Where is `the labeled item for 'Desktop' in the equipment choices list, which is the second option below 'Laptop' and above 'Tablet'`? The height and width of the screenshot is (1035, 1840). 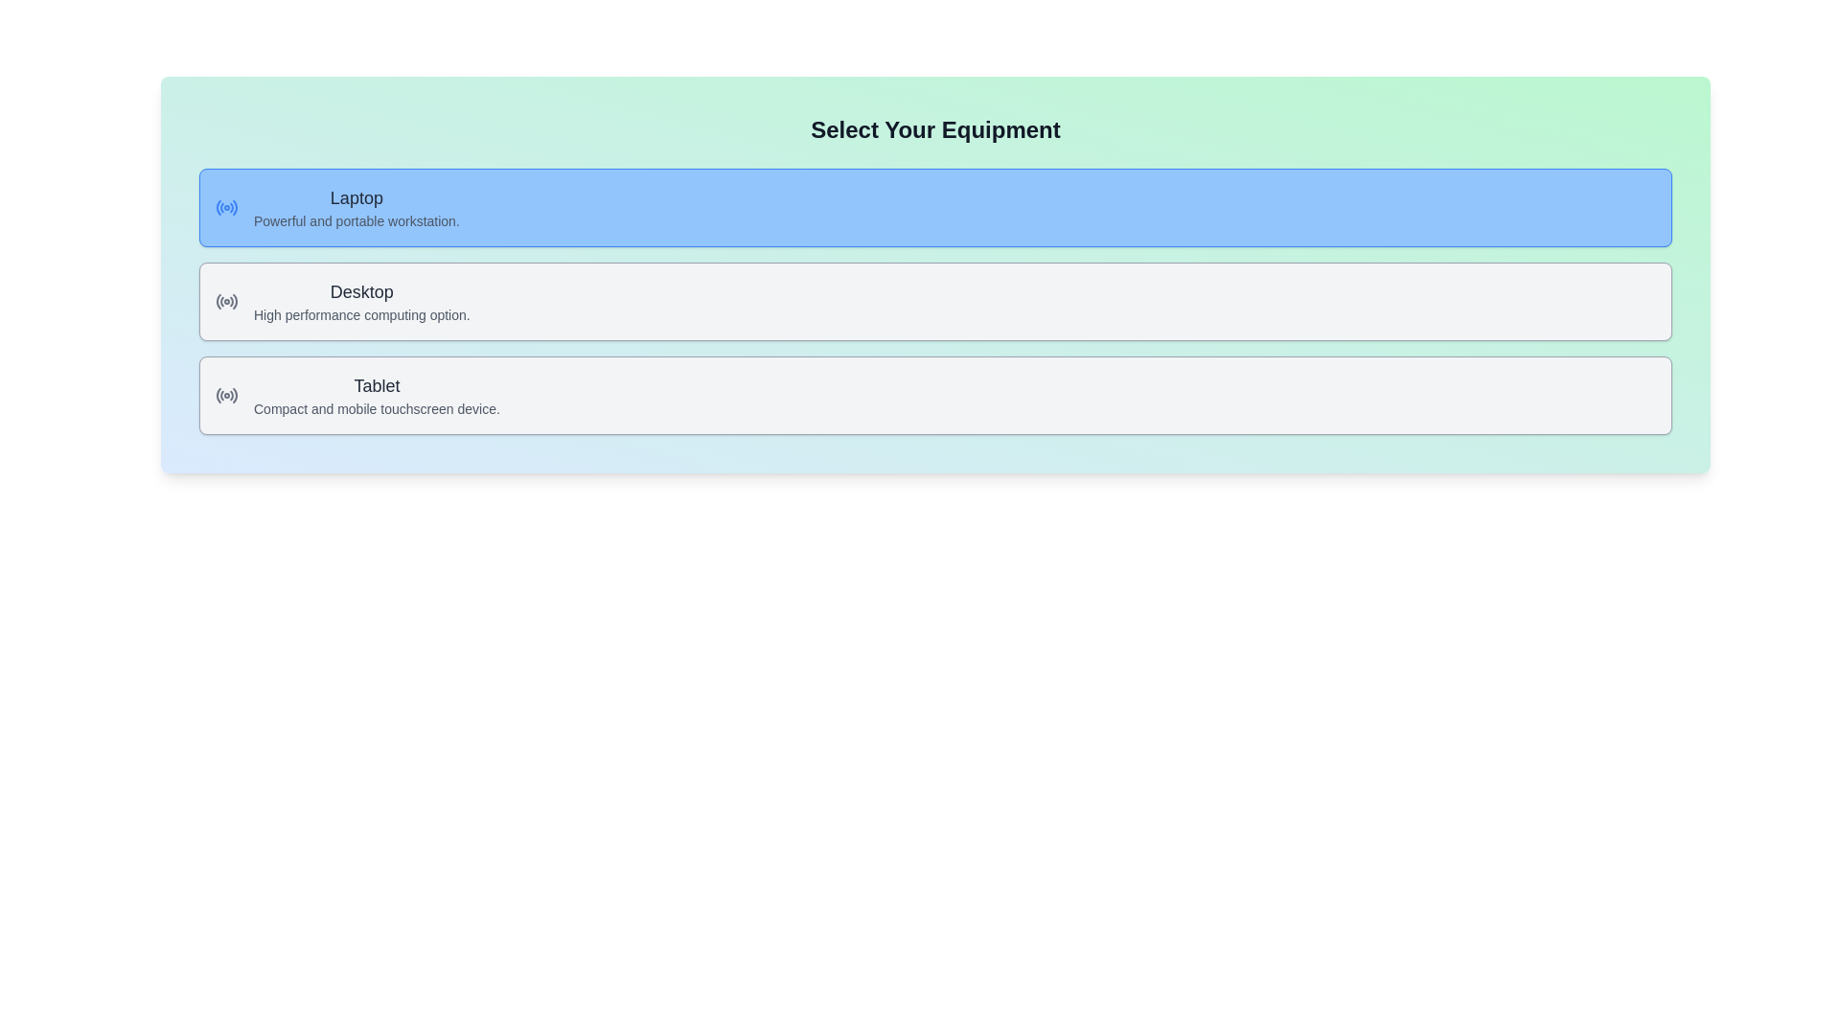 the labeled item for 'Desktop' in the equipment choices list, which is the second option below 'Laptop' and above 'Tablet' is located at coordinates (361, 302).